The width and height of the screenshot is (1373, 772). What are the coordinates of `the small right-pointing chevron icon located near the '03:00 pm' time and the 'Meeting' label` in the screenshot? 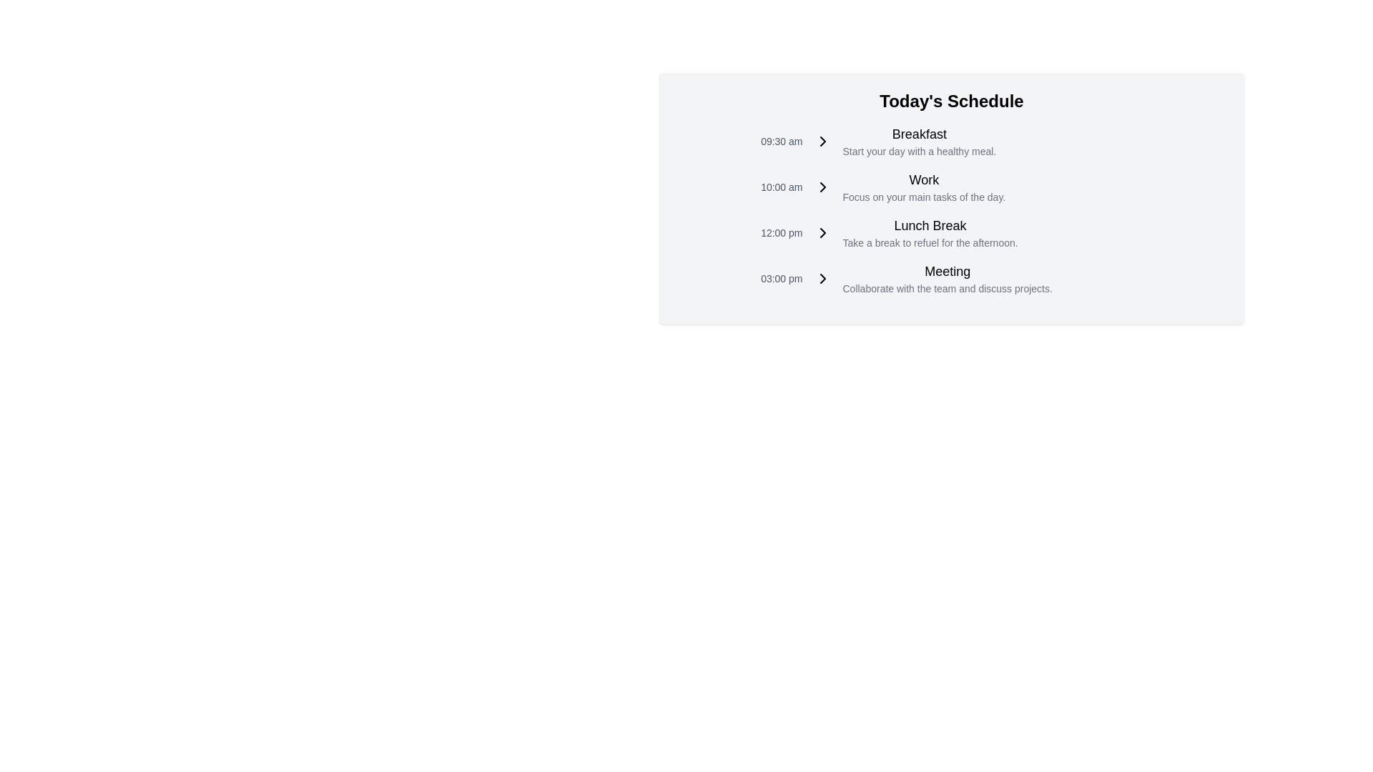 It's located at (822, 278).